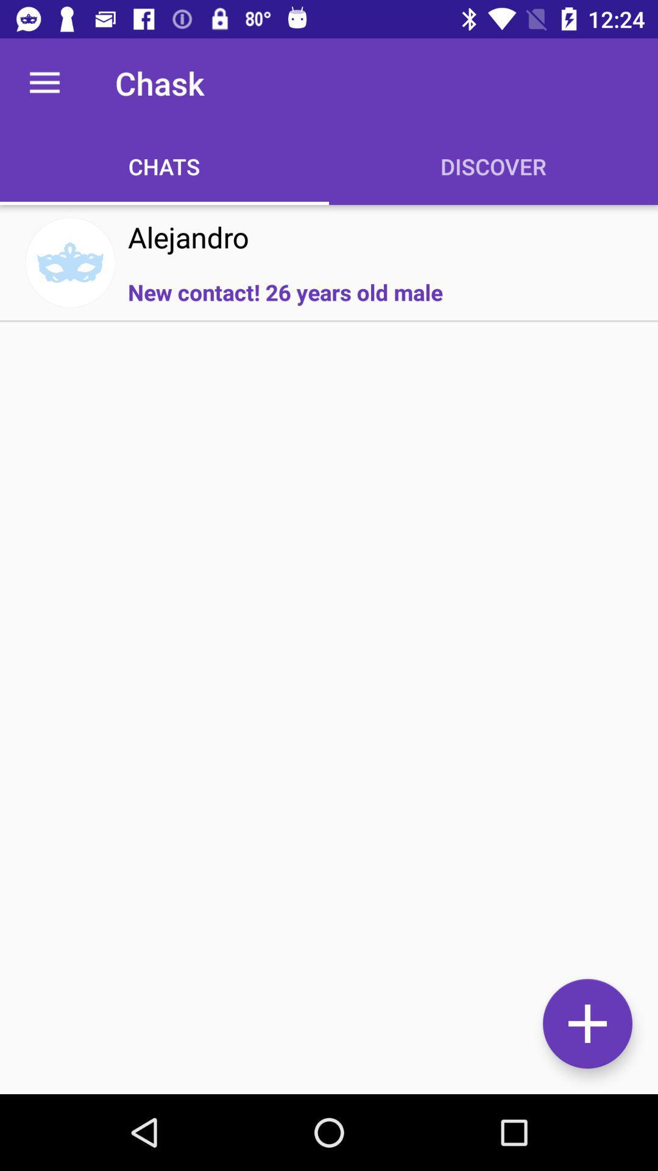 This screenshot has width=658, height=1171. I want to click on the new contact 26 icon, so click(285, 292).